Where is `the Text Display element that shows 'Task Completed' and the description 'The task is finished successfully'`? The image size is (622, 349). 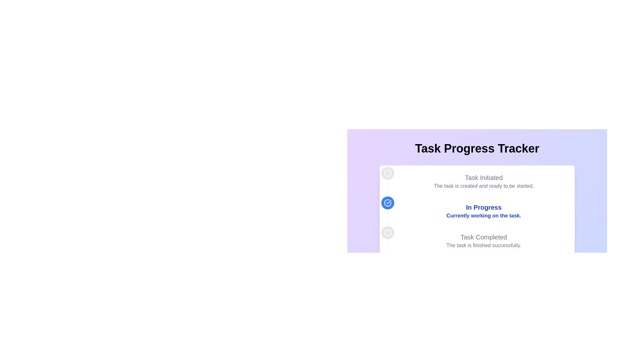 the Text Display element that shows 'Task Completed' and the description 'The task is finished successfully' is located at coordinates (477, 241).